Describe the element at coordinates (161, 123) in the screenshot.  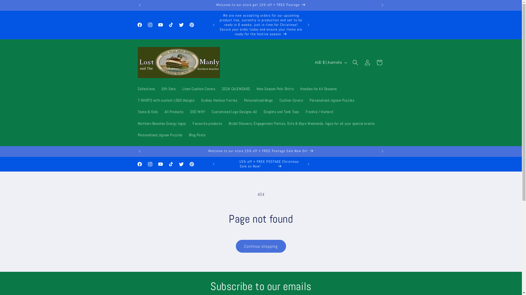
I see `'Northern Beaches Energy logos'` at that location.